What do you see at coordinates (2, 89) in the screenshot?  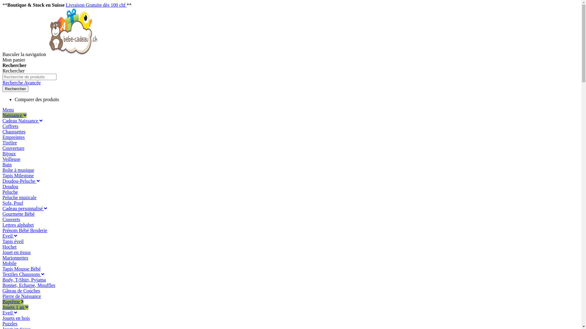 I see `'Rechercher'` at bounding box center [2, 89].